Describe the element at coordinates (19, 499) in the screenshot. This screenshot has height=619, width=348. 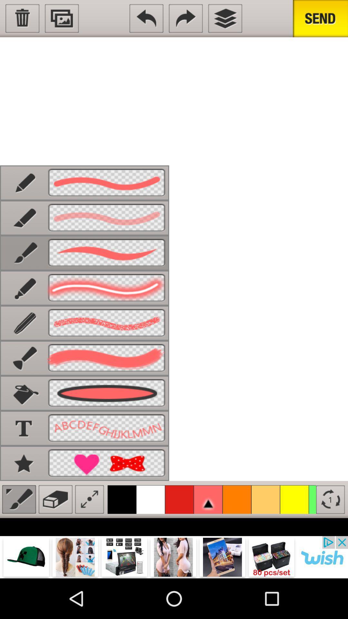
I see `paint brush` at that location.